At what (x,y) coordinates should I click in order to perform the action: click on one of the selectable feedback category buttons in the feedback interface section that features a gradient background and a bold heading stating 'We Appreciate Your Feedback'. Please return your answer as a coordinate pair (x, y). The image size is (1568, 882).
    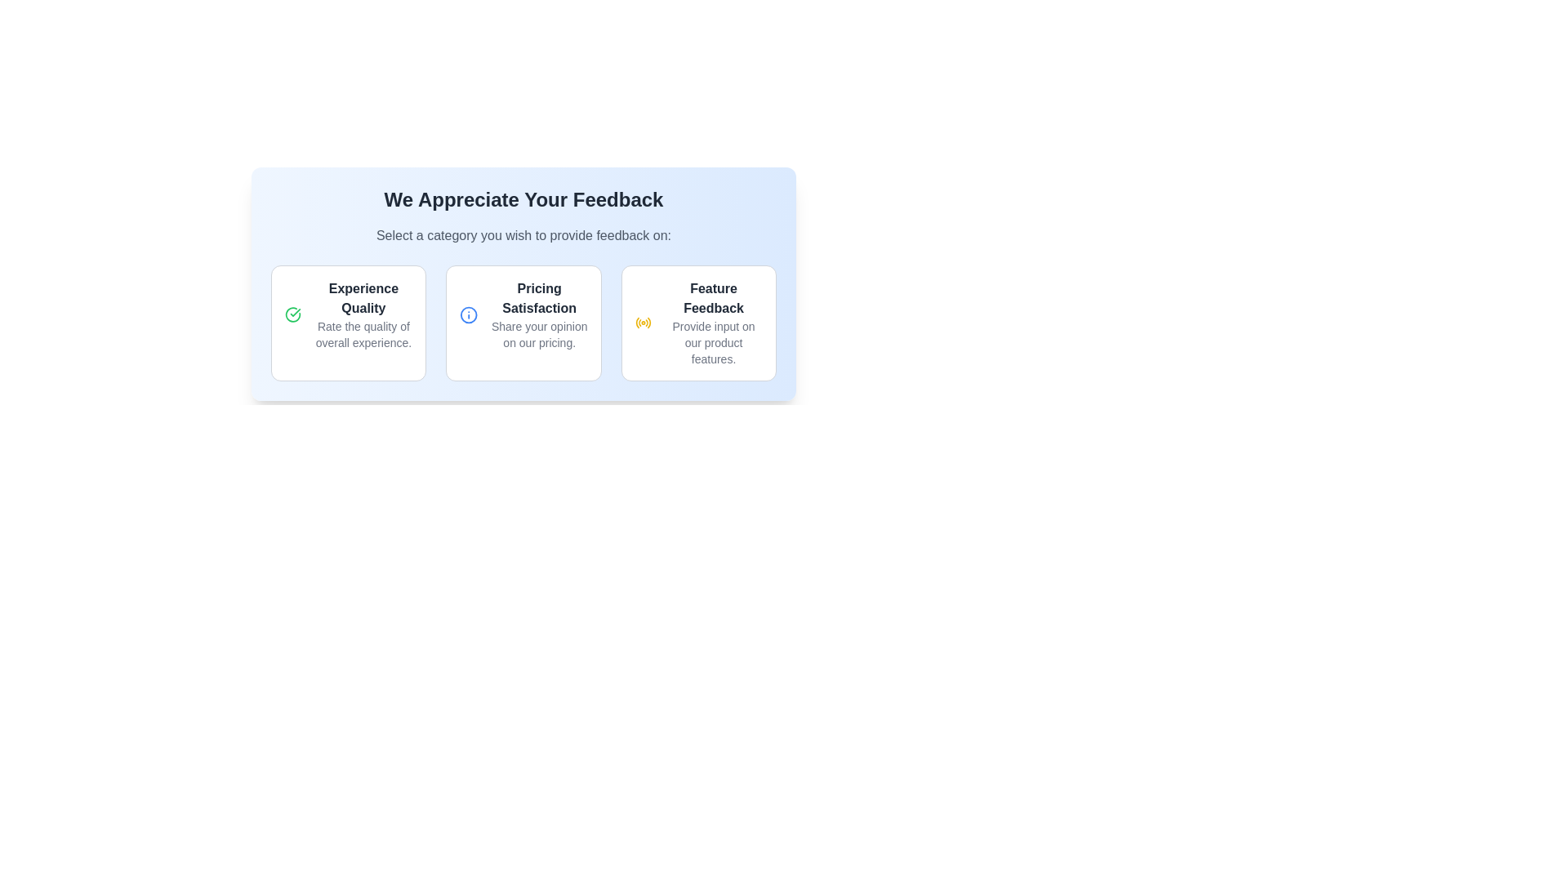
    Looking at the image, I should click on (523, 283).